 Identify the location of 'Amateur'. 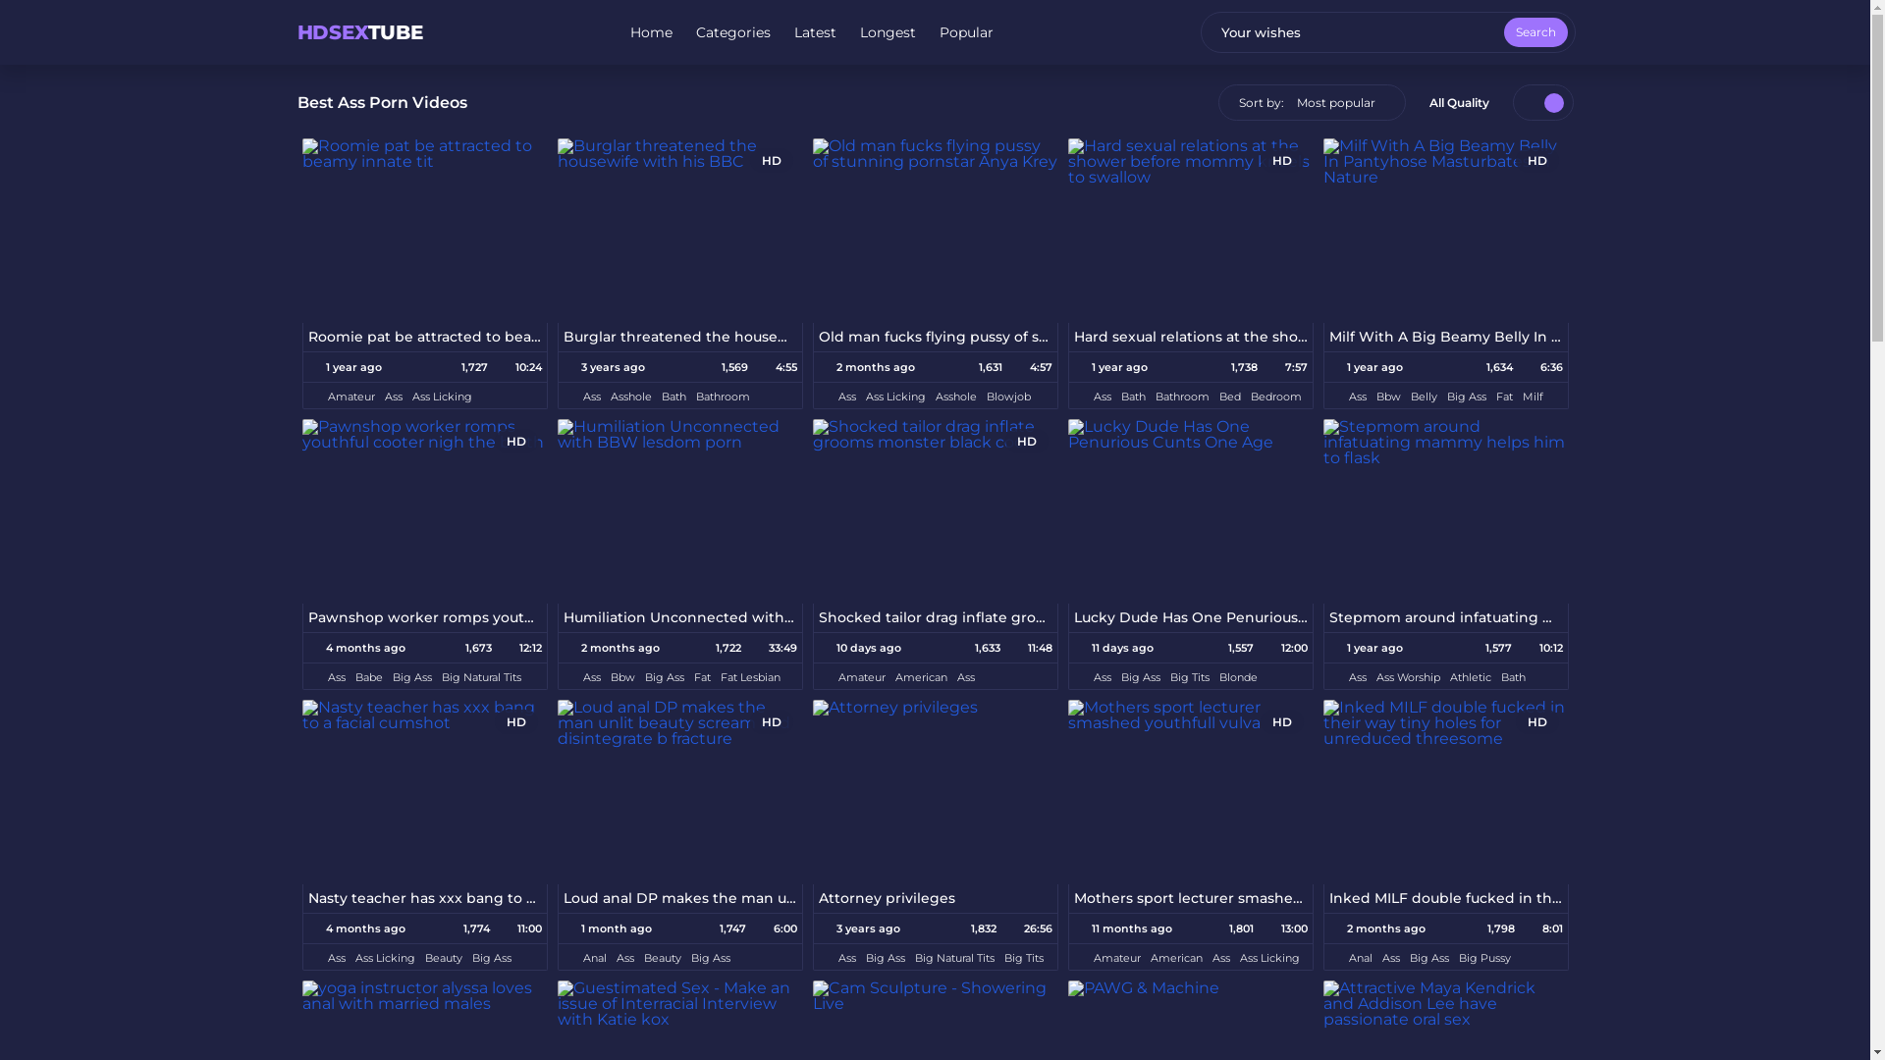
(328, 397).